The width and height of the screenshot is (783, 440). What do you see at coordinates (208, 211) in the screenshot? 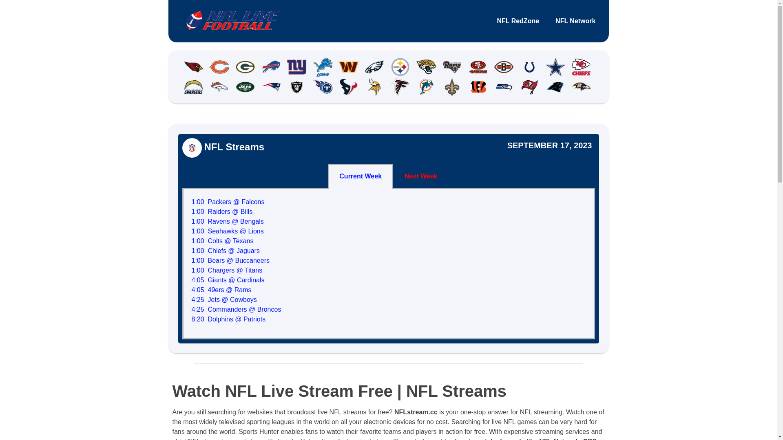
I see `'Raiders @ Bills'` at bounding box center [208, 211].